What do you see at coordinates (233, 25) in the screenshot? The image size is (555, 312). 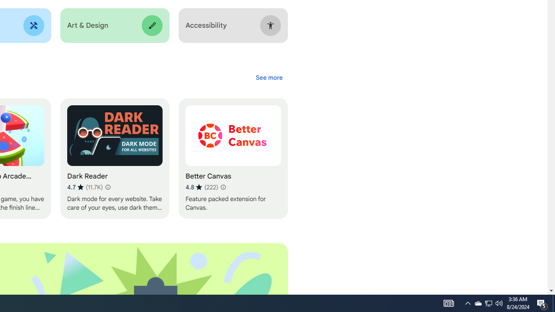 I see `'Accessibility'` at bounding box center [233, 25].